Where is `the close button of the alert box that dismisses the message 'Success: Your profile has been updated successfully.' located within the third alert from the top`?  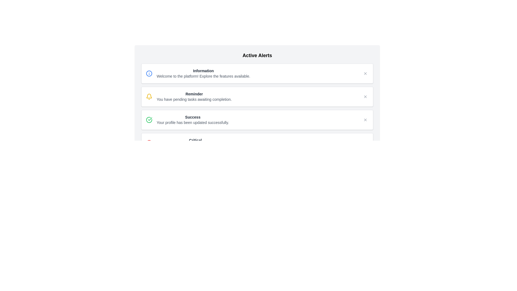
the close button of the alert box that dismisses the message 'Success: Your profile has been updated successfully.' located within the third alert from the top is located at coordinates (365, 119).